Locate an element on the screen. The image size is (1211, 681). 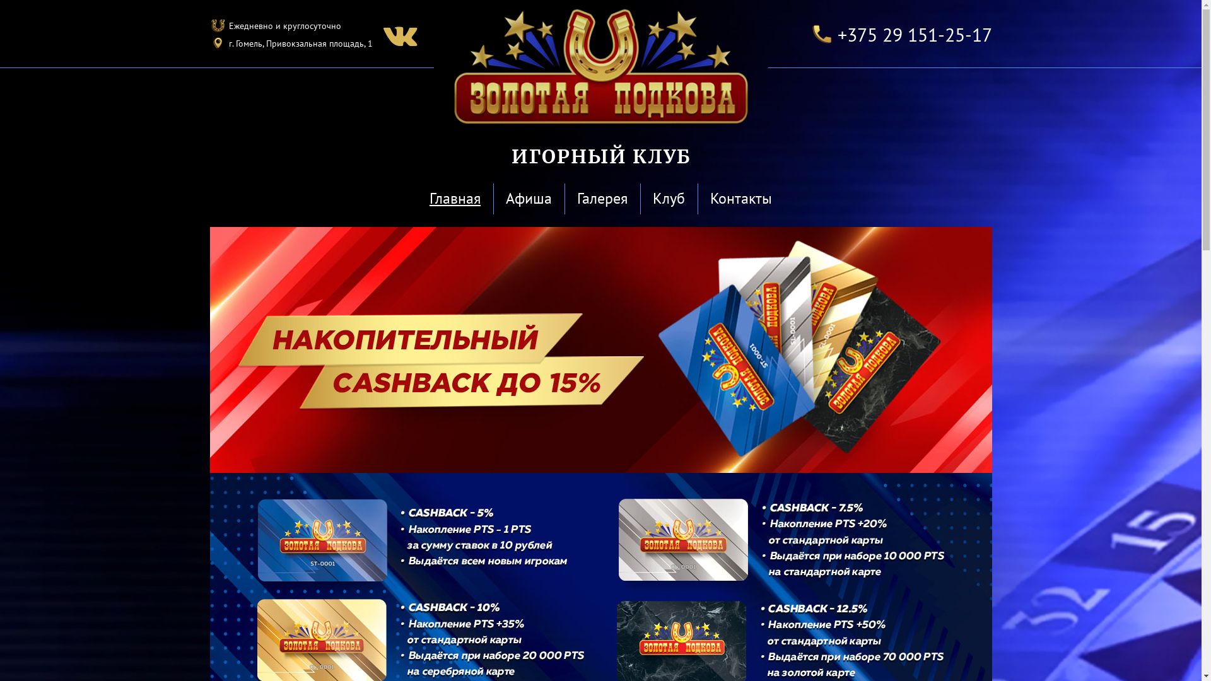
'+375 29 151-25-17' is located at coordinates (915, 33).